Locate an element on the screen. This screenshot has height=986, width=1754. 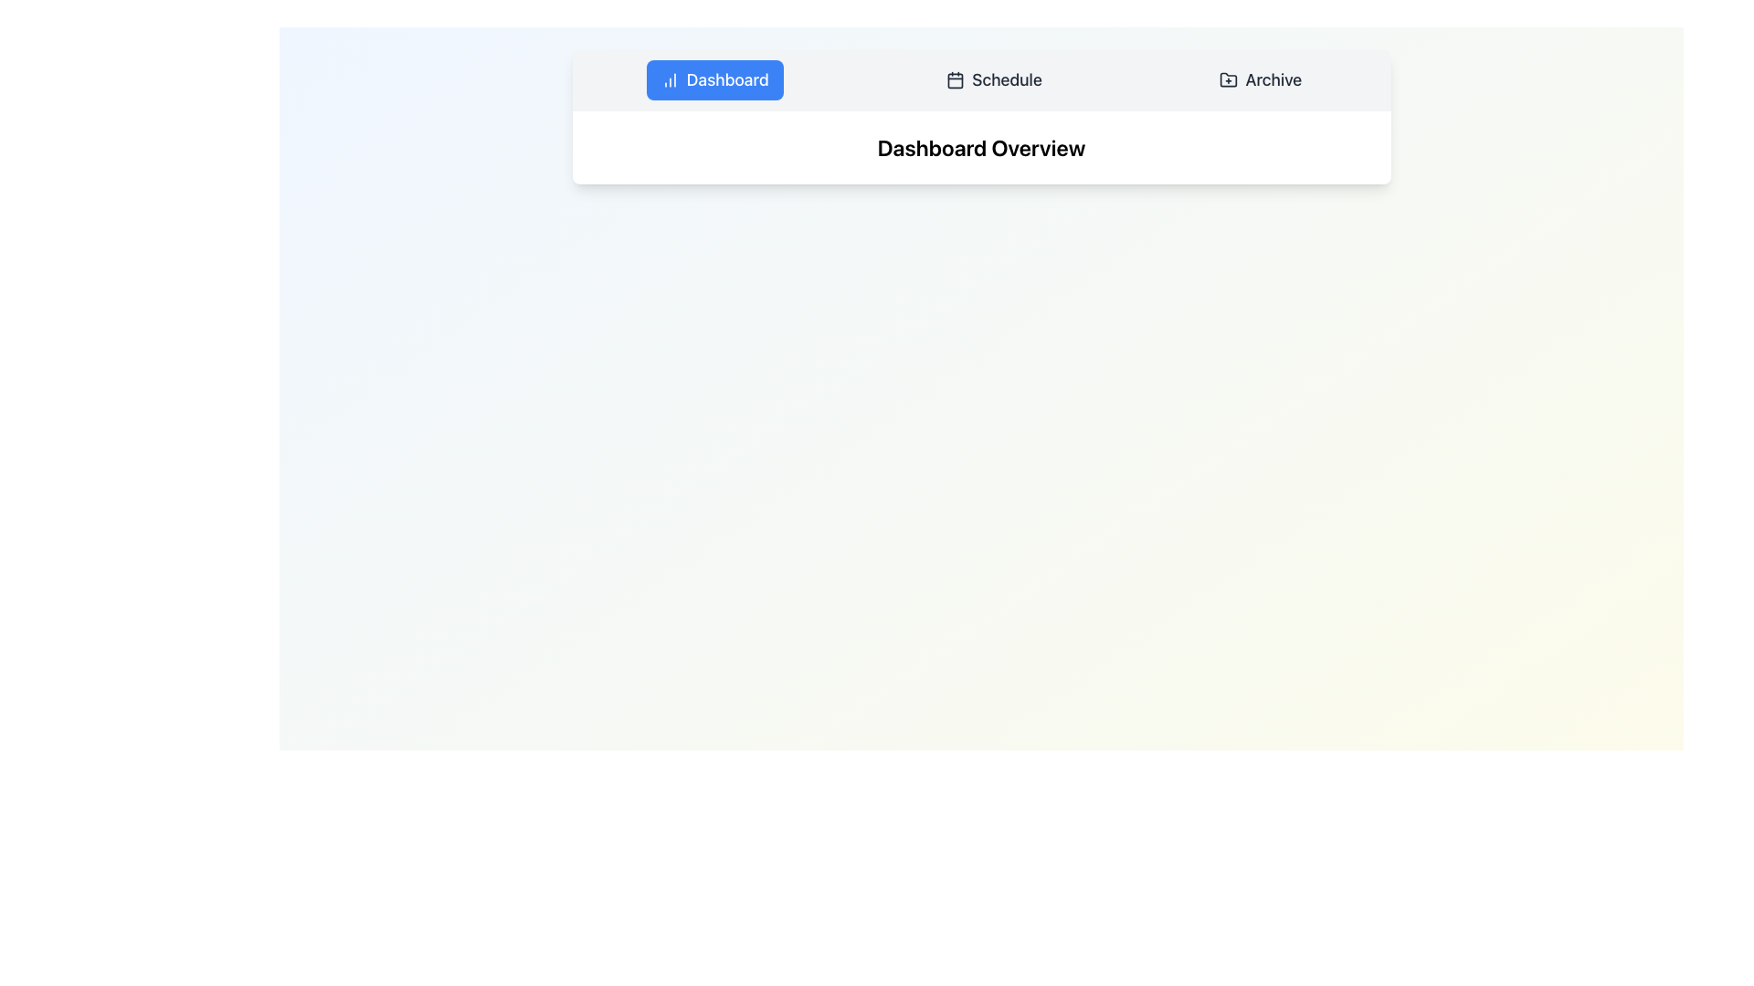
the minimalist calendar icon, which is a graphical representation with a rounded rectangle and grid structure, located at the top center of the user interface is located at coordinates (955, 79).